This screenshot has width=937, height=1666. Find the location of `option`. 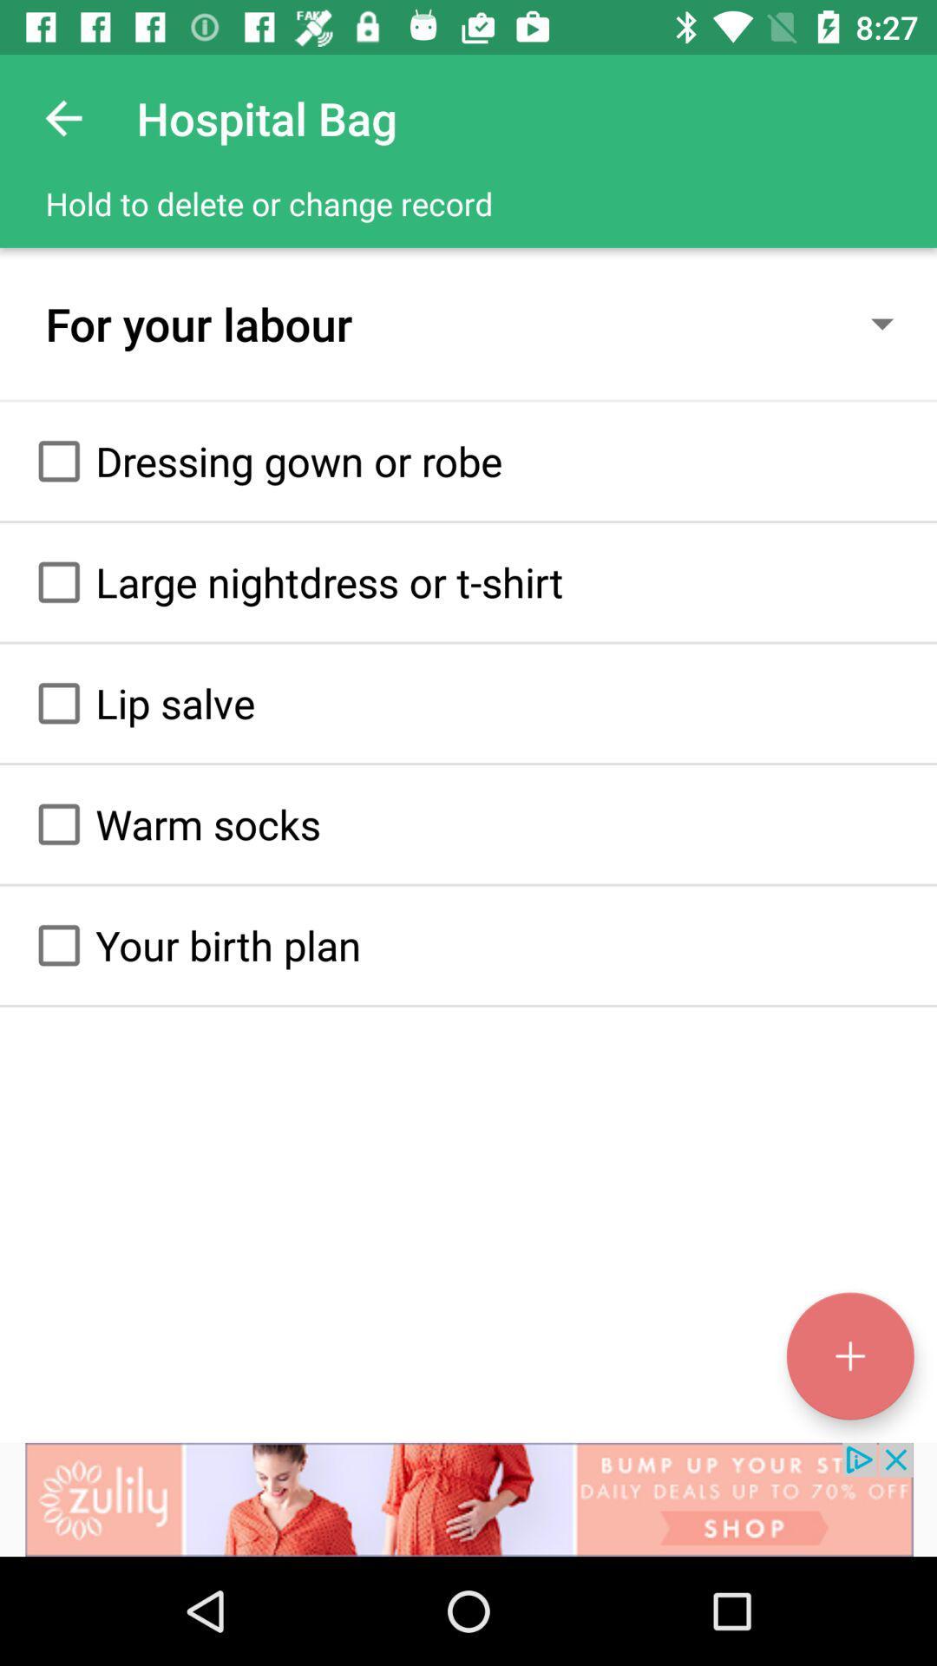

option is located at coordinates (58, 944).